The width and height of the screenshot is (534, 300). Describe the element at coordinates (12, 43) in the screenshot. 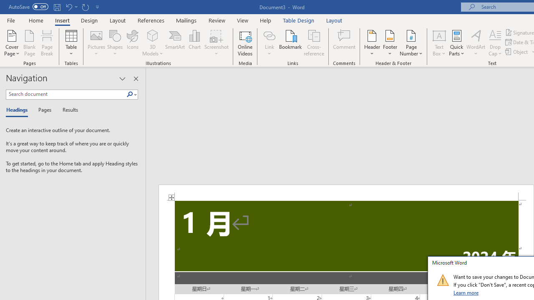

I see `'Cover Page'` at that location.